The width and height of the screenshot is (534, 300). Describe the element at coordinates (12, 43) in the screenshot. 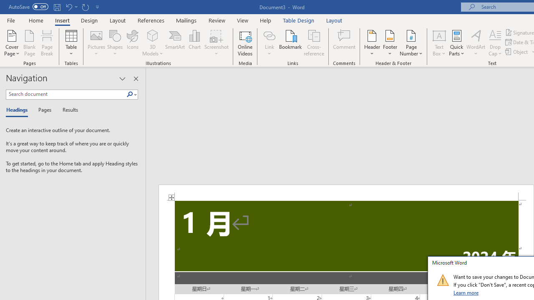

I see `'Cover Page'` at that location.